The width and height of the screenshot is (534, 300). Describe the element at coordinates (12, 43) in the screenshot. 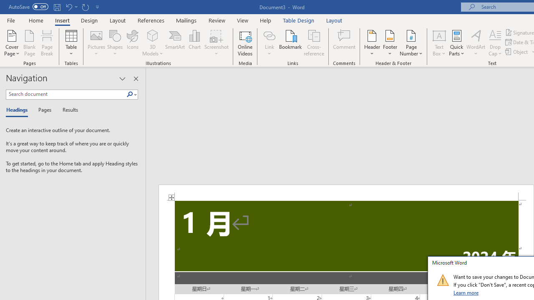

I see `'Cover Page'` at that location.